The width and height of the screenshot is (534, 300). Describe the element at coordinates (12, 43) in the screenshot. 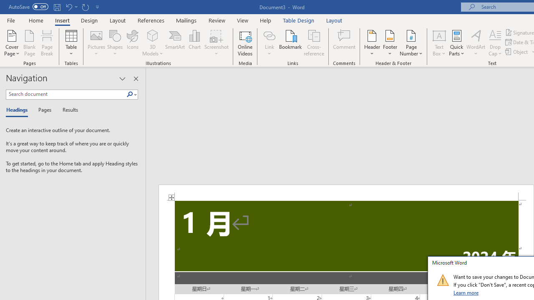

I see `'Cover Page'` at that location.